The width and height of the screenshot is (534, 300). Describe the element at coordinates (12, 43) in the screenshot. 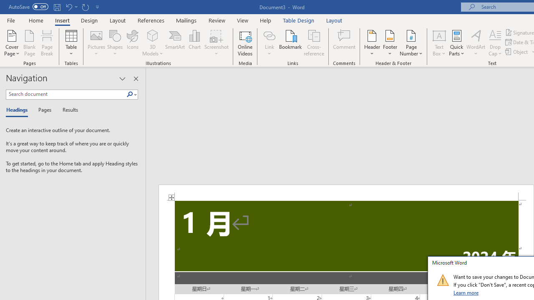

I see `'Cover Page'` at that location.